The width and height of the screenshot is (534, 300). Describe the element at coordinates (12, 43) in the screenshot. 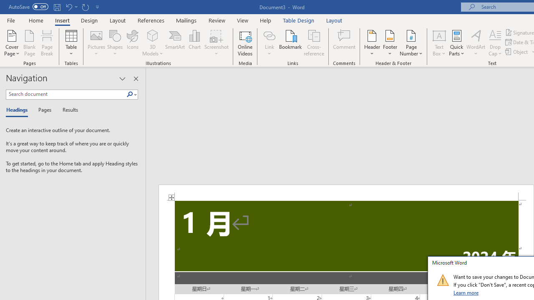

I see `'Cover Page'` at that location.